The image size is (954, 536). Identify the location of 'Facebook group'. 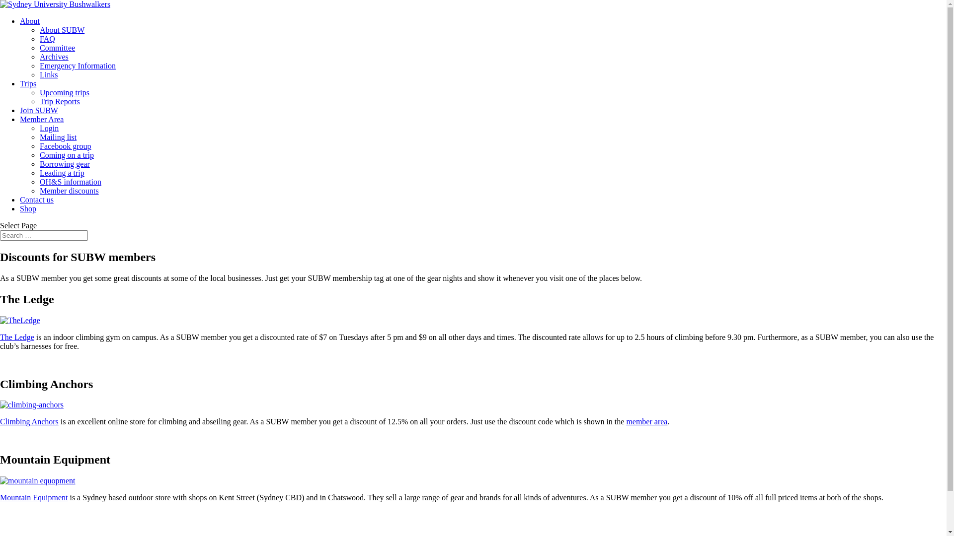
(65, 146).